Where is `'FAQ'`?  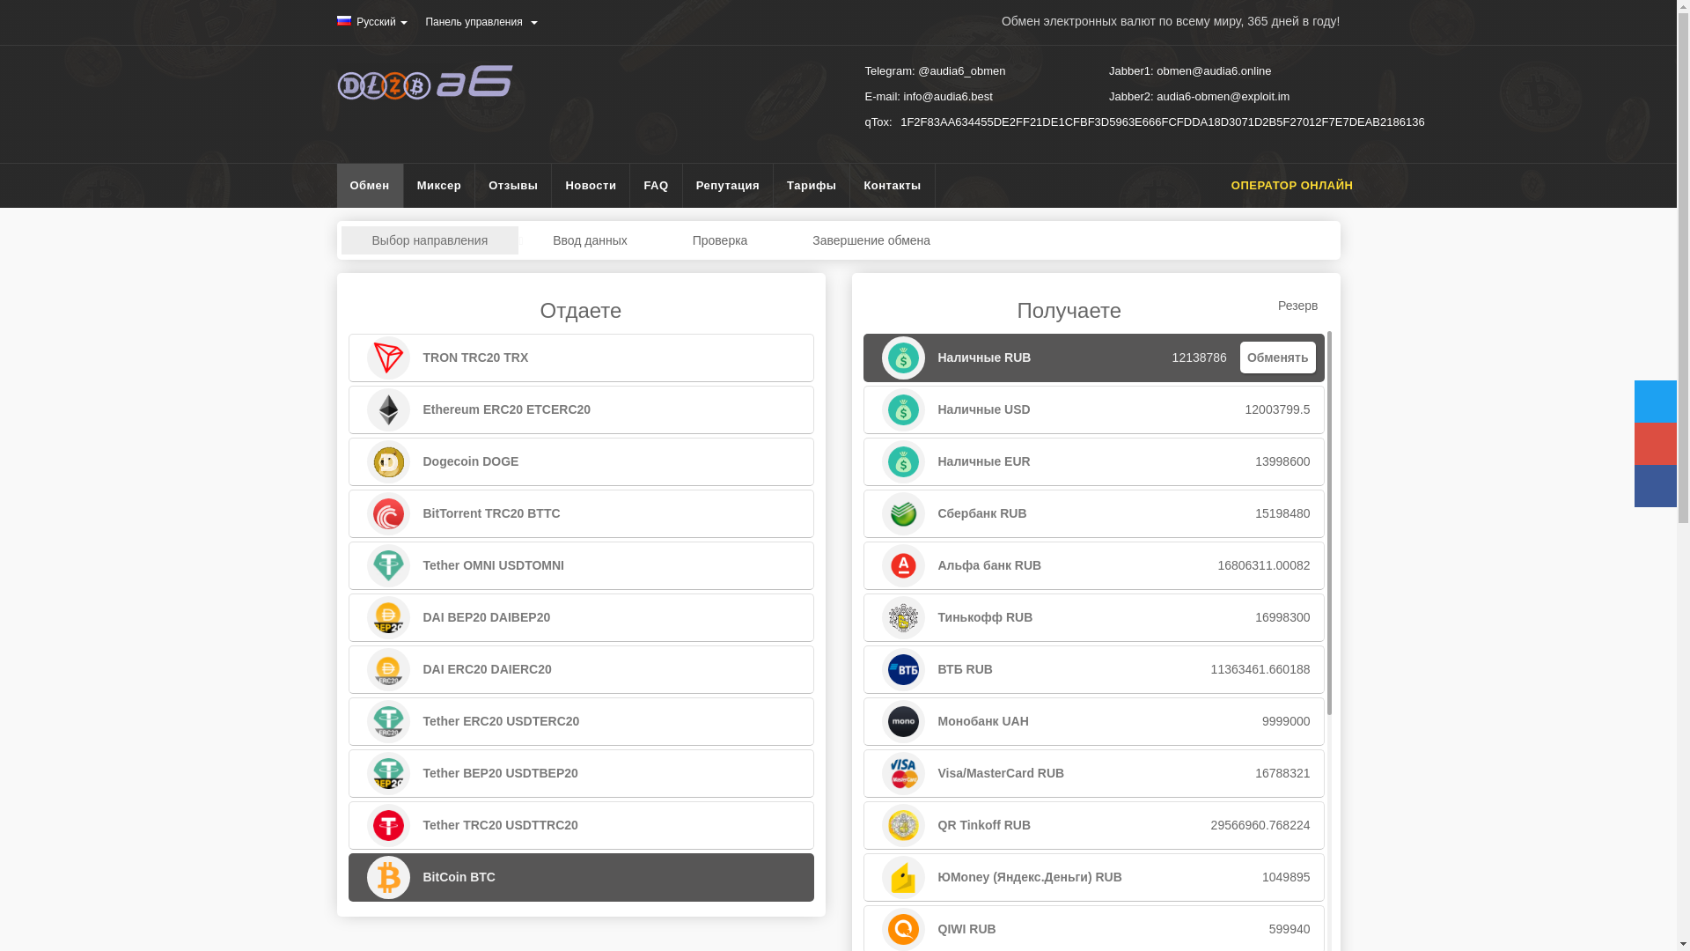
'FAQ' is located at coordinates (655, 186).